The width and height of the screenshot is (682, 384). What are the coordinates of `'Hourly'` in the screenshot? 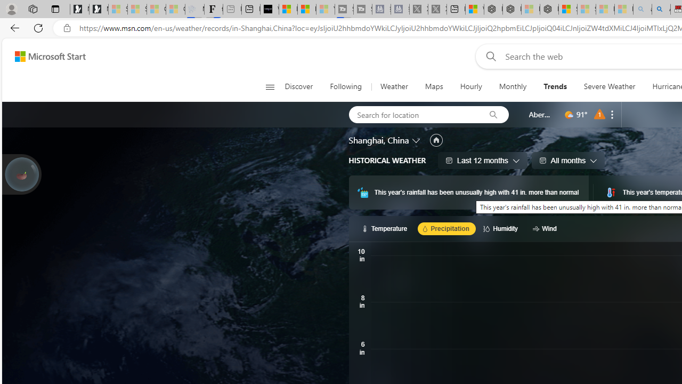 It's located at (470, 86).